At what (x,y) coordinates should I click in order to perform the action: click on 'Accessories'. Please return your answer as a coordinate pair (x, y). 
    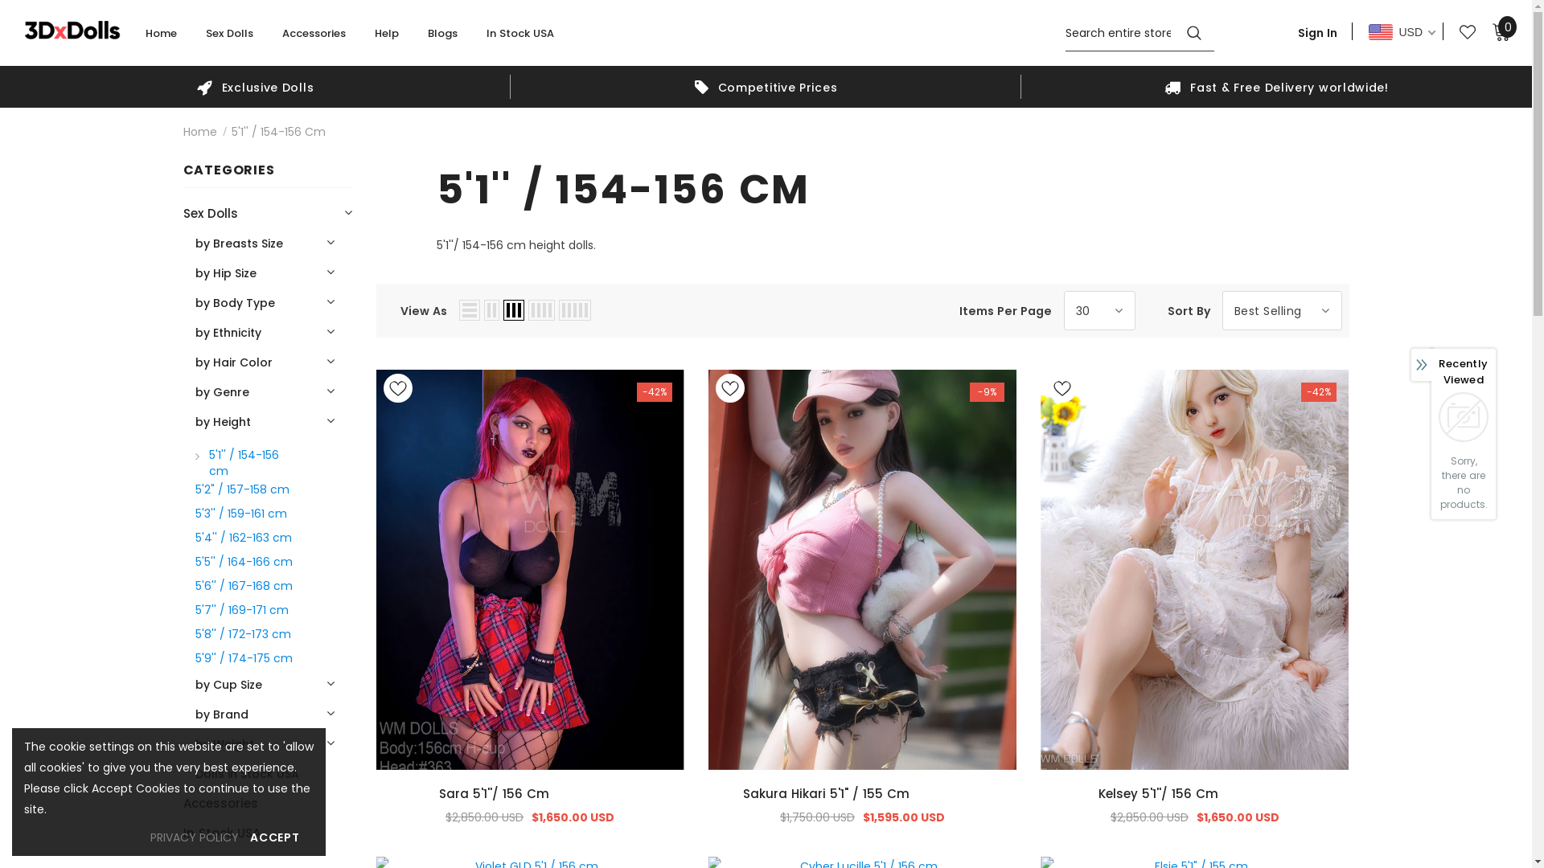
    Looking at the image, I should click on (220, 803).